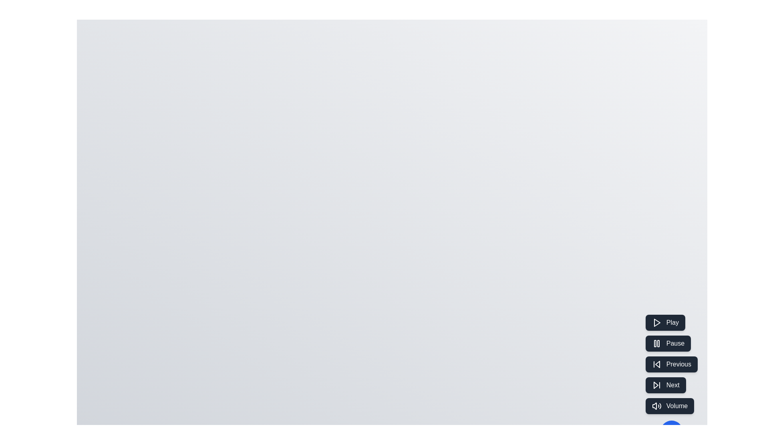  Describe the element at coordinates (665, 322) in the screenshot. I see `the Play button to start media playback` at that location.